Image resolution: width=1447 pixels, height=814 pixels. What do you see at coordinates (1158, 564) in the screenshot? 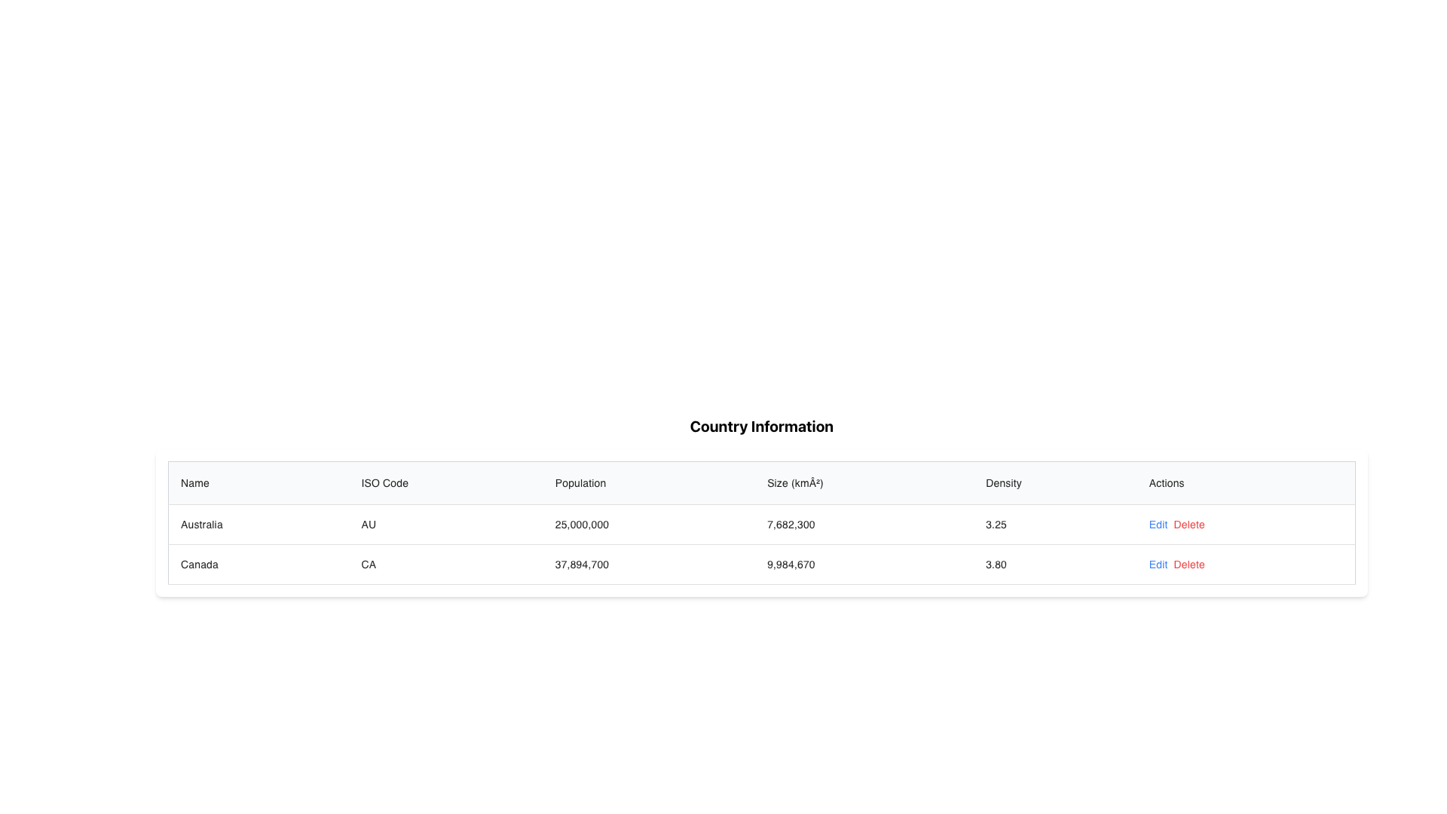
I see `the 'Edit' link located in the 'Actions' column of the second row in the table to initiate editing` at bounding box center [1158, 564].